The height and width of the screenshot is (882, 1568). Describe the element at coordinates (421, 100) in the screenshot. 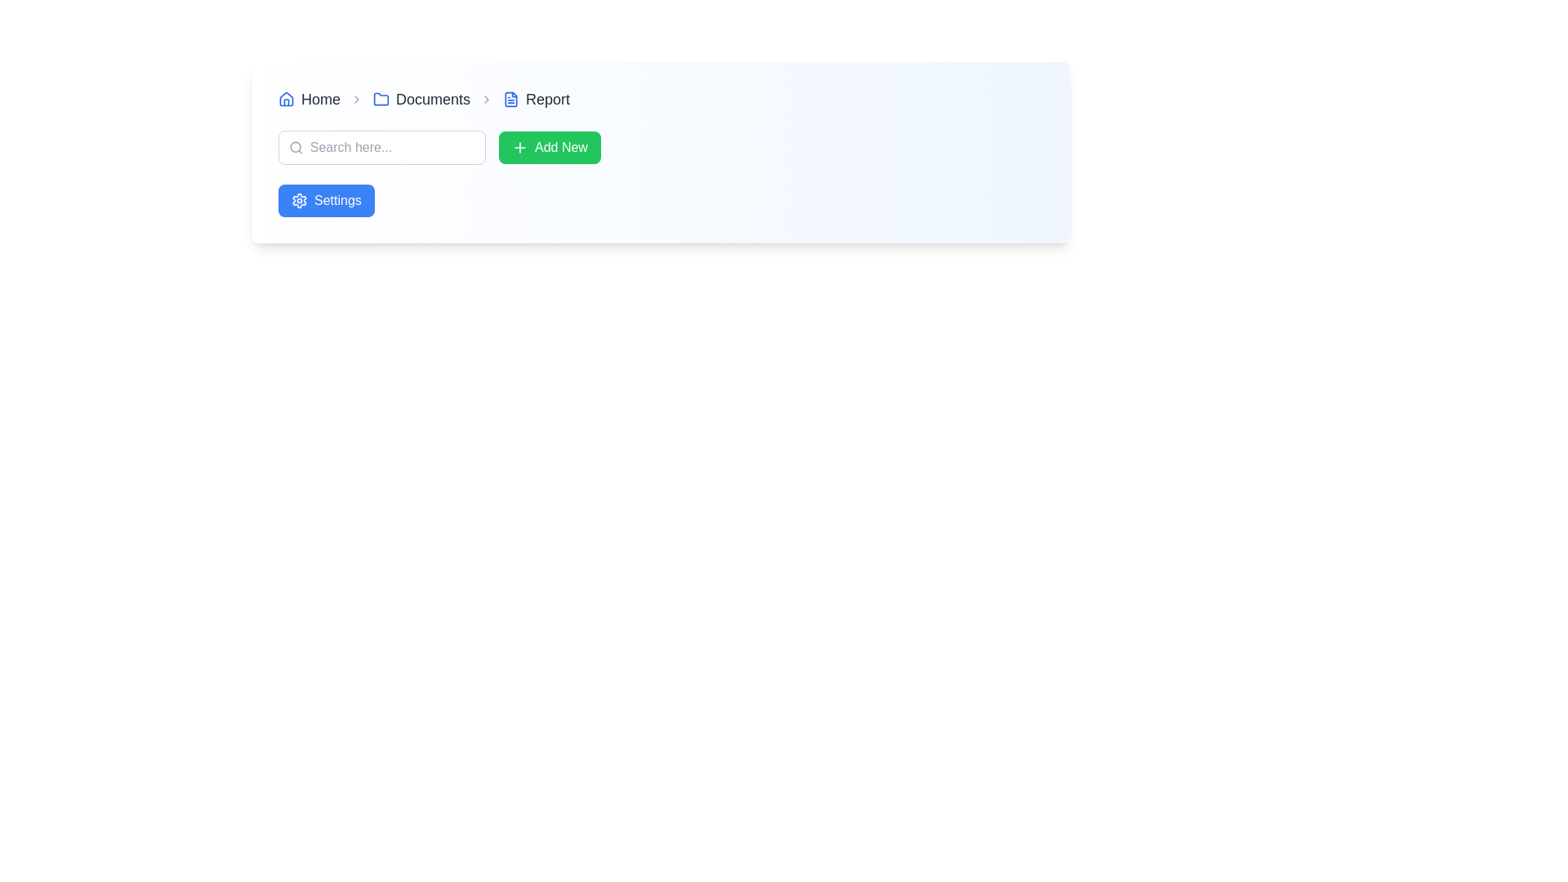

I see `the Breadcrumb item that contains a blue folder icon and the text 'Documents' in bold black font, located centrally in the breadcrumb navigation bar` at that location.